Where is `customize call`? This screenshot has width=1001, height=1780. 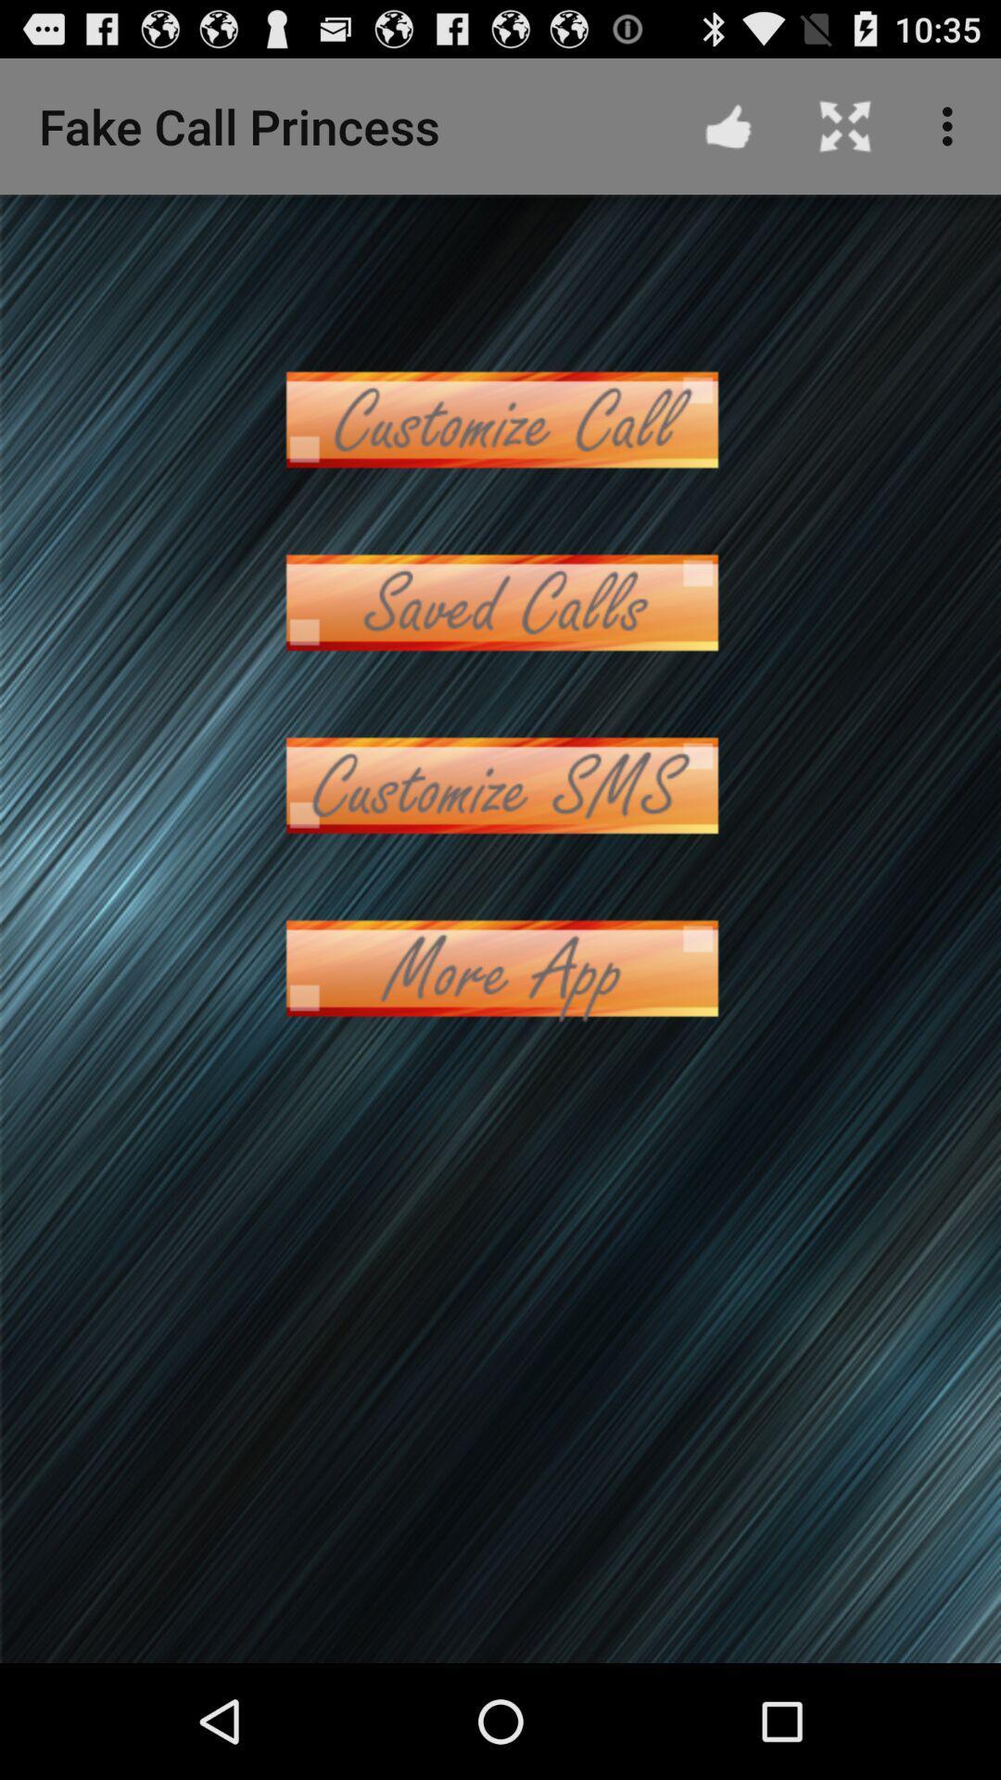
customize call is located at coordinates (500, 418).